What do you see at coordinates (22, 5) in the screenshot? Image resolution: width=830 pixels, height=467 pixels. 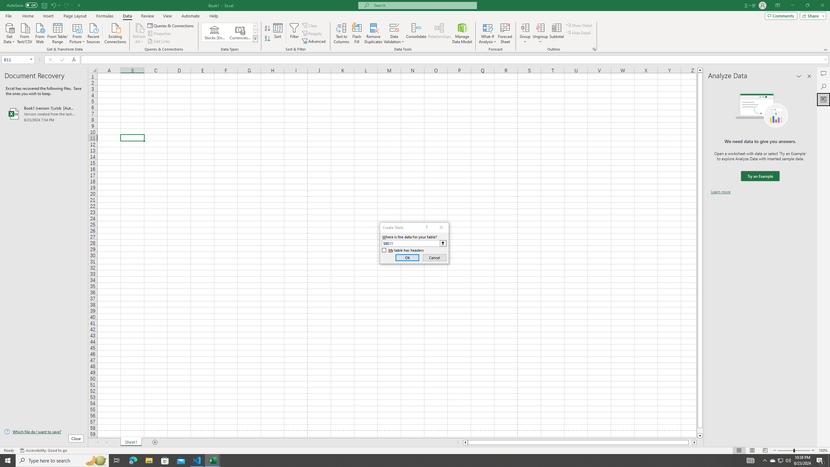 I see `'AutoSave'` at bounding box center [22, 5].